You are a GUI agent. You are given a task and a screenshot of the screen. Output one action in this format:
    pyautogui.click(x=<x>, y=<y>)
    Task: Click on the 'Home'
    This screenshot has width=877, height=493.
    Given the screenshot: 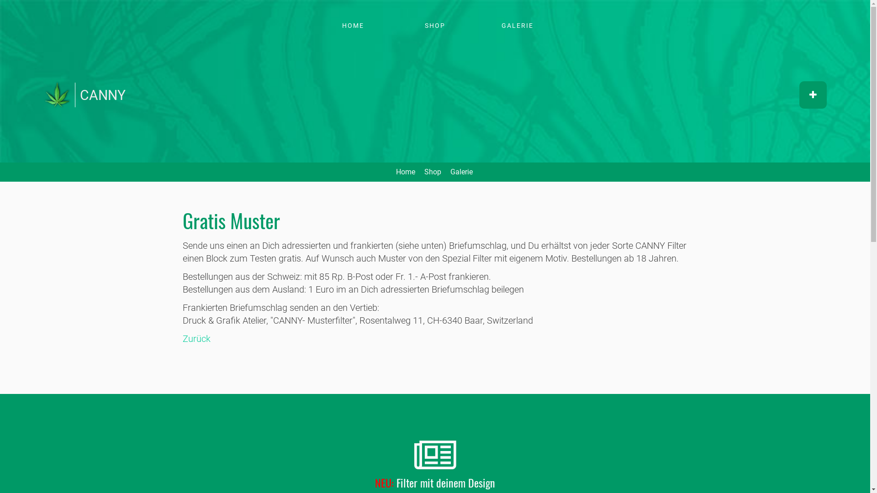 What is the action you would take?
    pyautogui.click(x=405, y=172)
    